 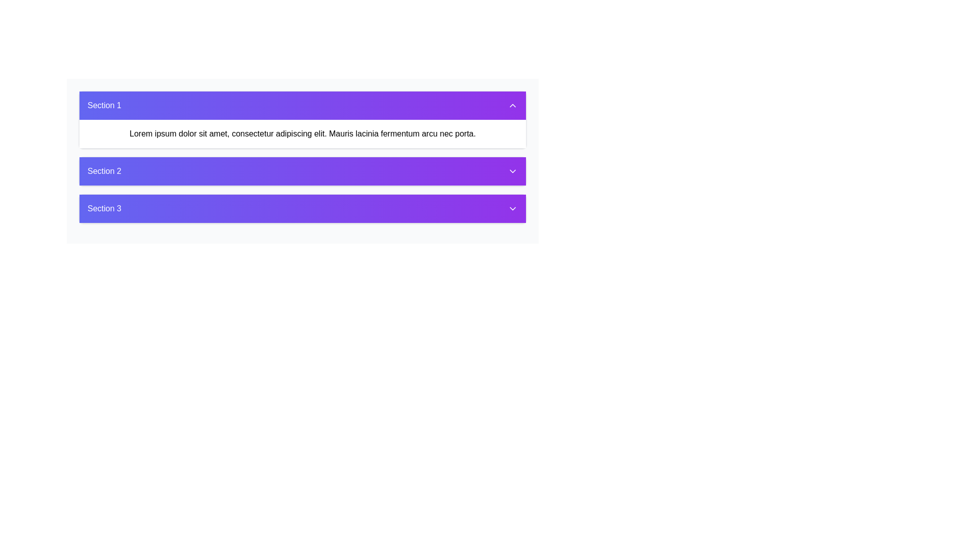 What do you see at coordinates (302, 133) in the screenshot?
I see `the text display element that shows 'Lorem ipsum dolor sit amet, consectetur adipiscing elit. Mauris lacinia fermentum arcu nec porta.' which is centered in the white area of the first purple section titled 'Section 1'` at bounding box center [302, 133].